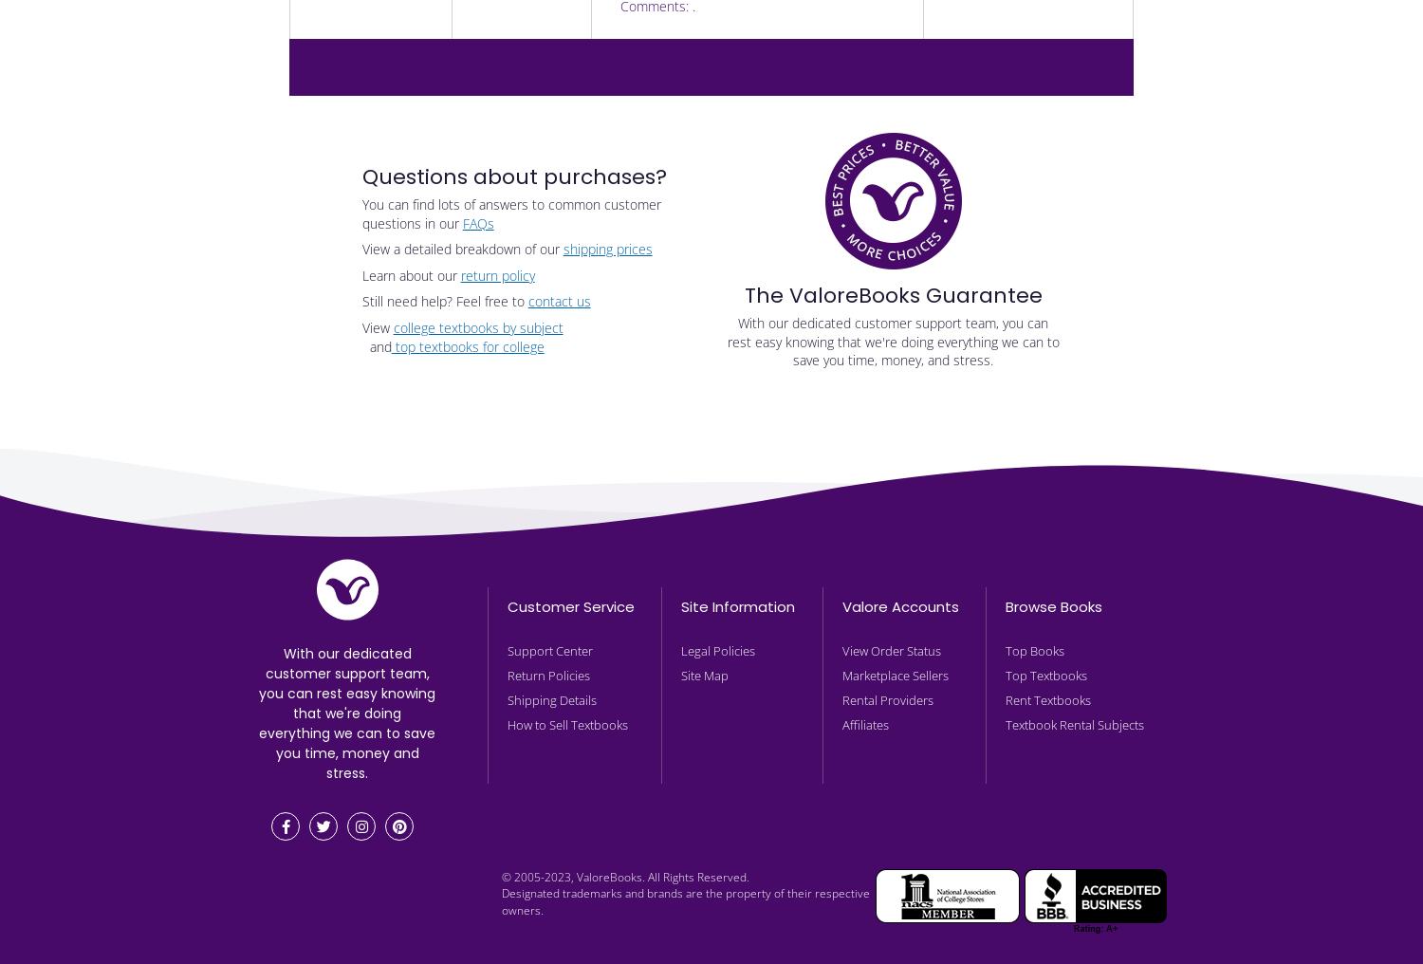  What do you see at coordinates (477, 222) in the screenshot?
I see `'FAQs'` at bounding box center [477, 222].